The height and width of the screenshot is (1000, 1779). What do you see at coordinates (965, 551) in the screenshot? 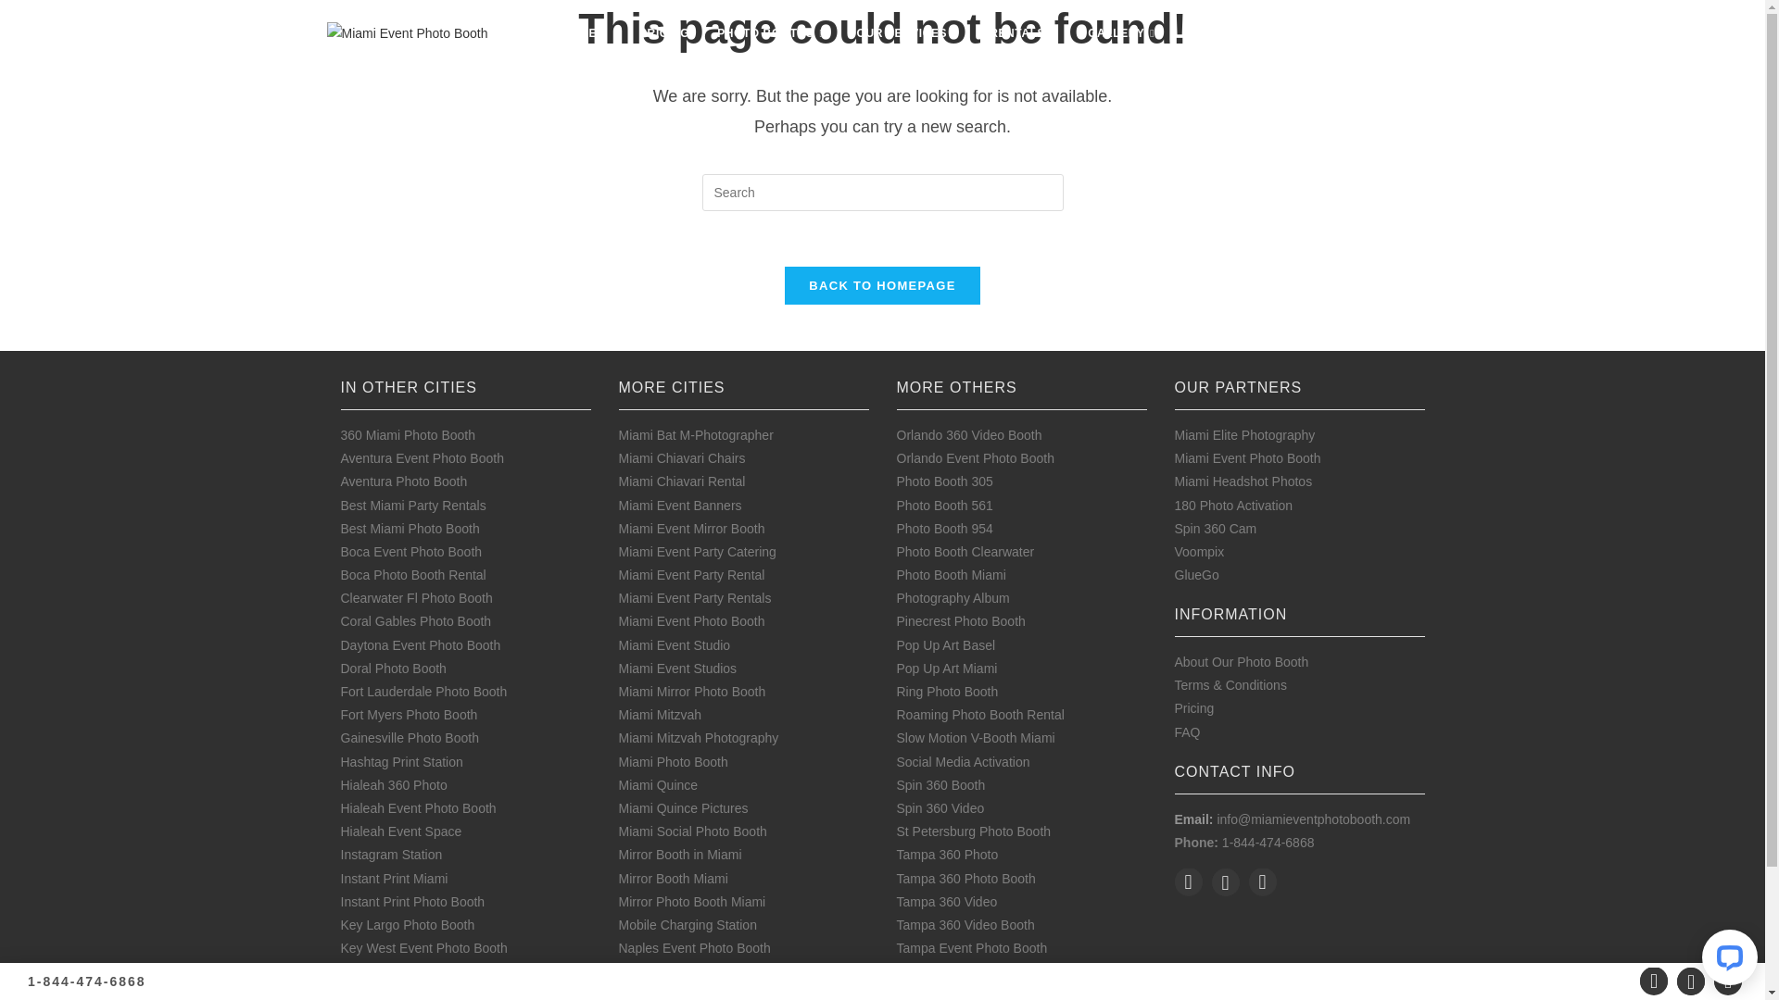
I see `'Photo Booth Clearwater'` at bounding box center [965, 551].